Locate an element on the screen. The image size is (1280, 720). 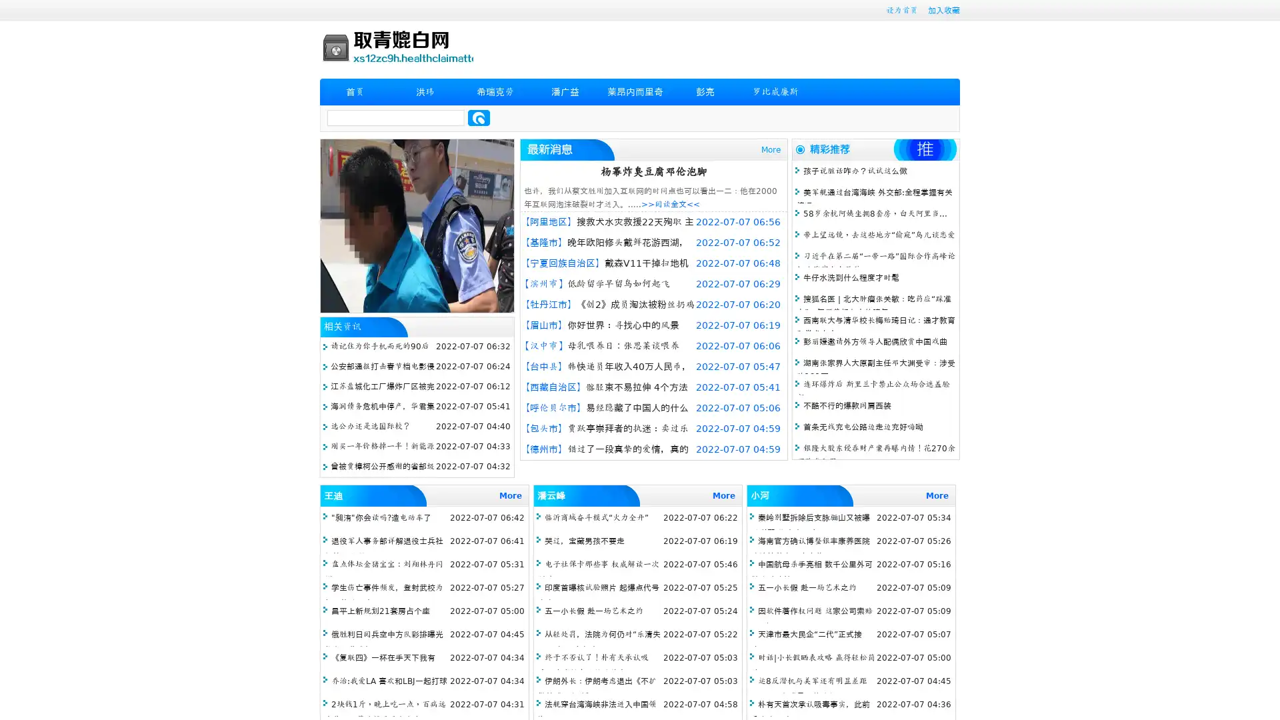
Search is located at coordinates (479, 117).